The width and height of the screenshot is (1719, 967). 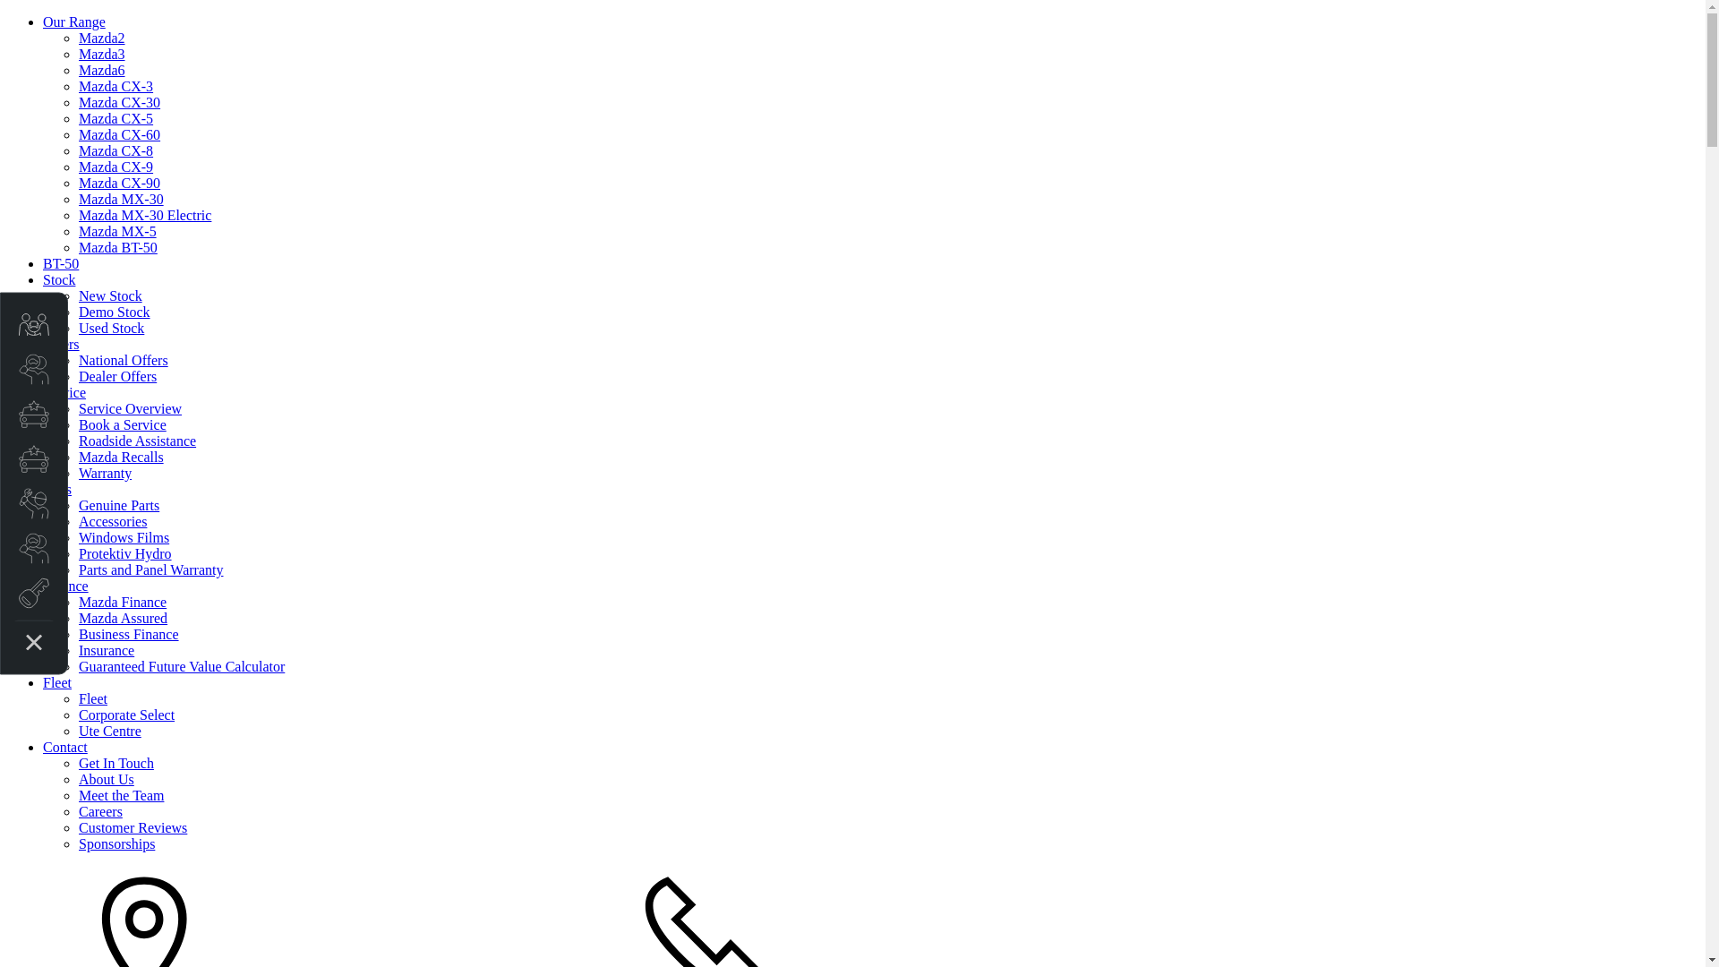 I want to click on 'Roadside Assistance', so click(x=77, y=441).